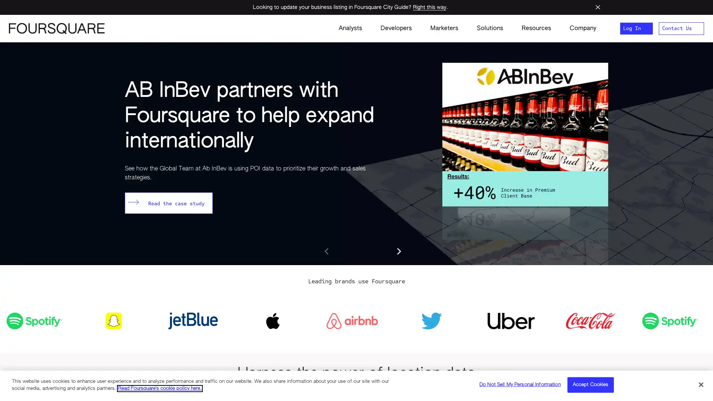 The height and width of the screenshot is (401, 713). I want to click on Resources, so click(536, 28).